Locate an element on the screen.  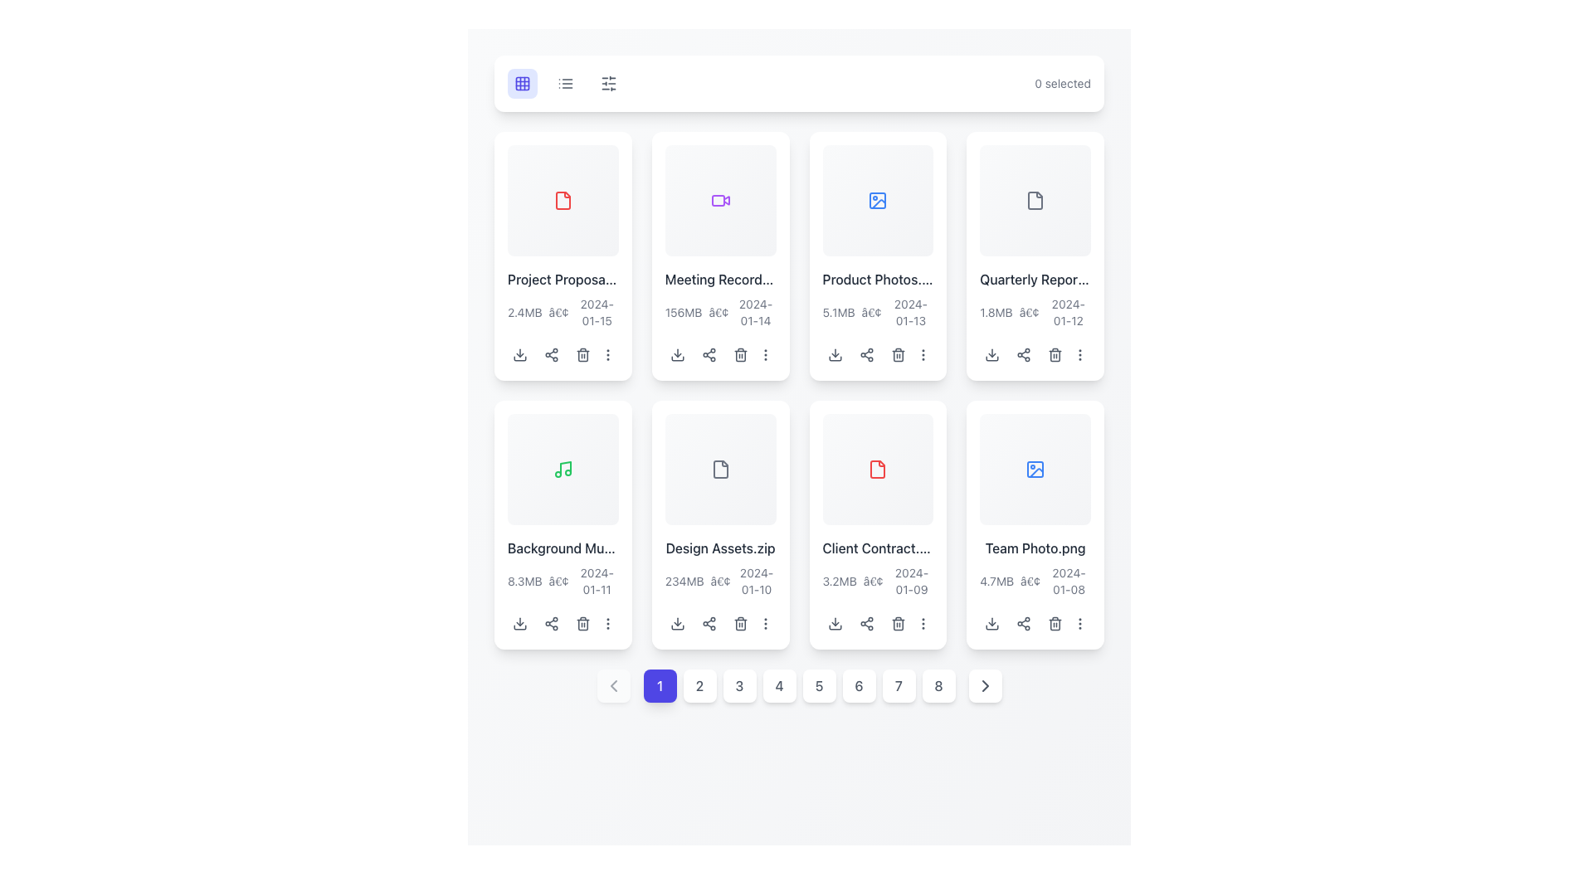
the blue outline image icon representing a picture frame located in the bottom-right card of a grid layout is located at coordinates (1035, 469).